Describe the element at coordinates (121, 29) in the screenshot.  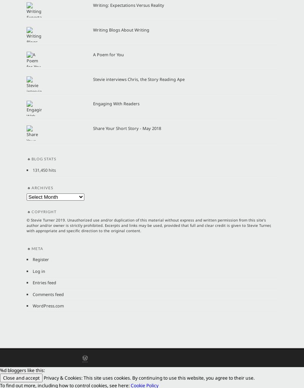
I see `'Writing Blogs About Writing'` at that location.